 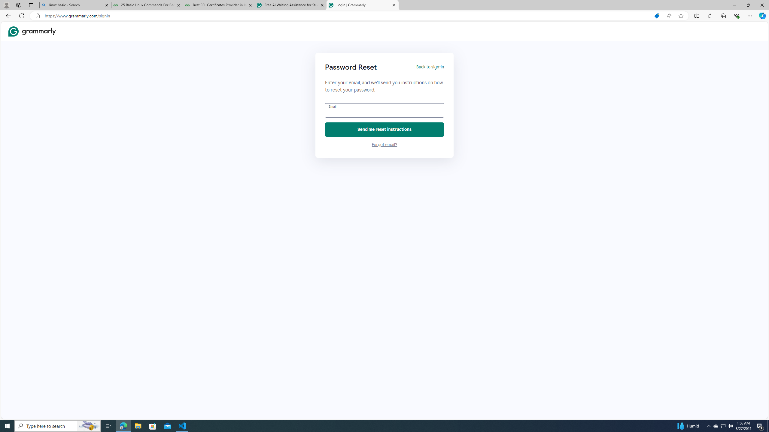 What do you see at coordinates (32, 31) in the screenshot?
I see `'Grammarly Home'` at bounding box center [32, 31].